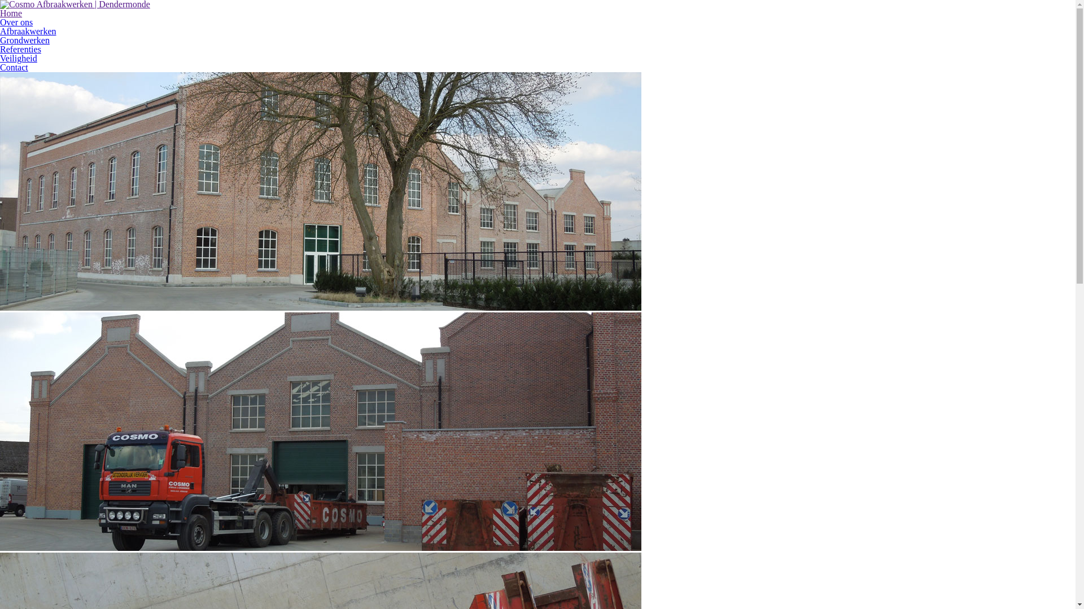 The image size is (1084, 609). I want to click on 'Home', so click(11, 13).